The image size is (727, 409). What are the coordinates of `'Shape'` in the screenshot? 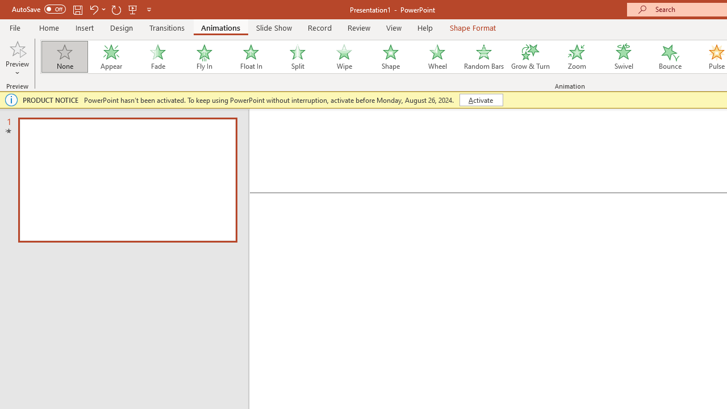 It's located at (391, 57).